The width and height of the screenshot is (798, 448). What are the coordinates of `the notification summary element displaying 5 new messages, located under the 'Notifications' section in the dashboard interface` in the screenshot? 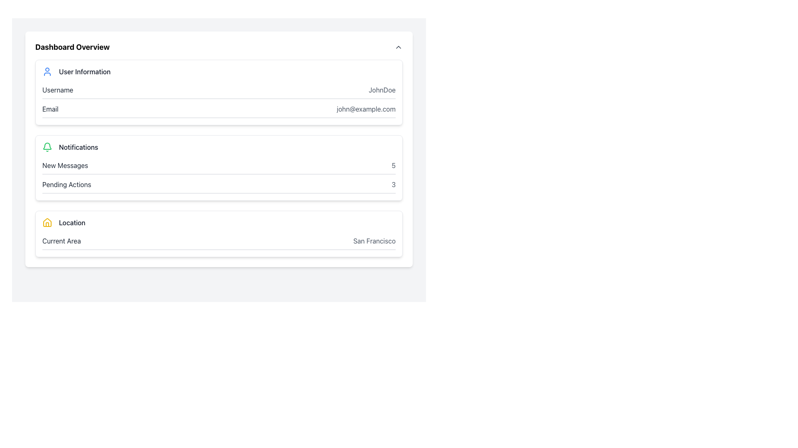 It's located at (219, 166).